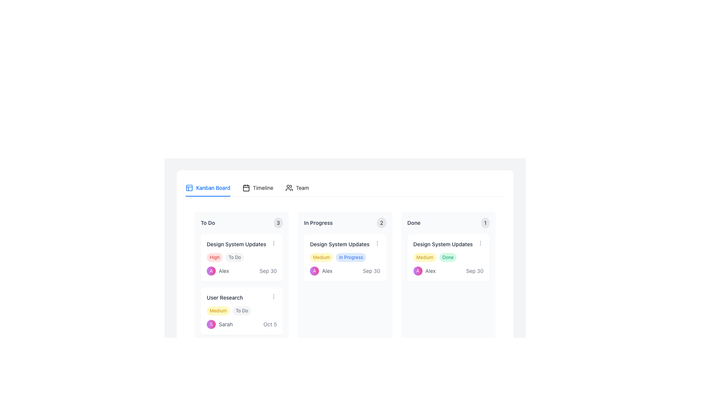  What do you see at coordinates (234, 257) in the screenshot?
I see `the second smaller rounded label in the 'To Do' card, located directly to the right of the red 'High' label` at bounding box center [234, 257].